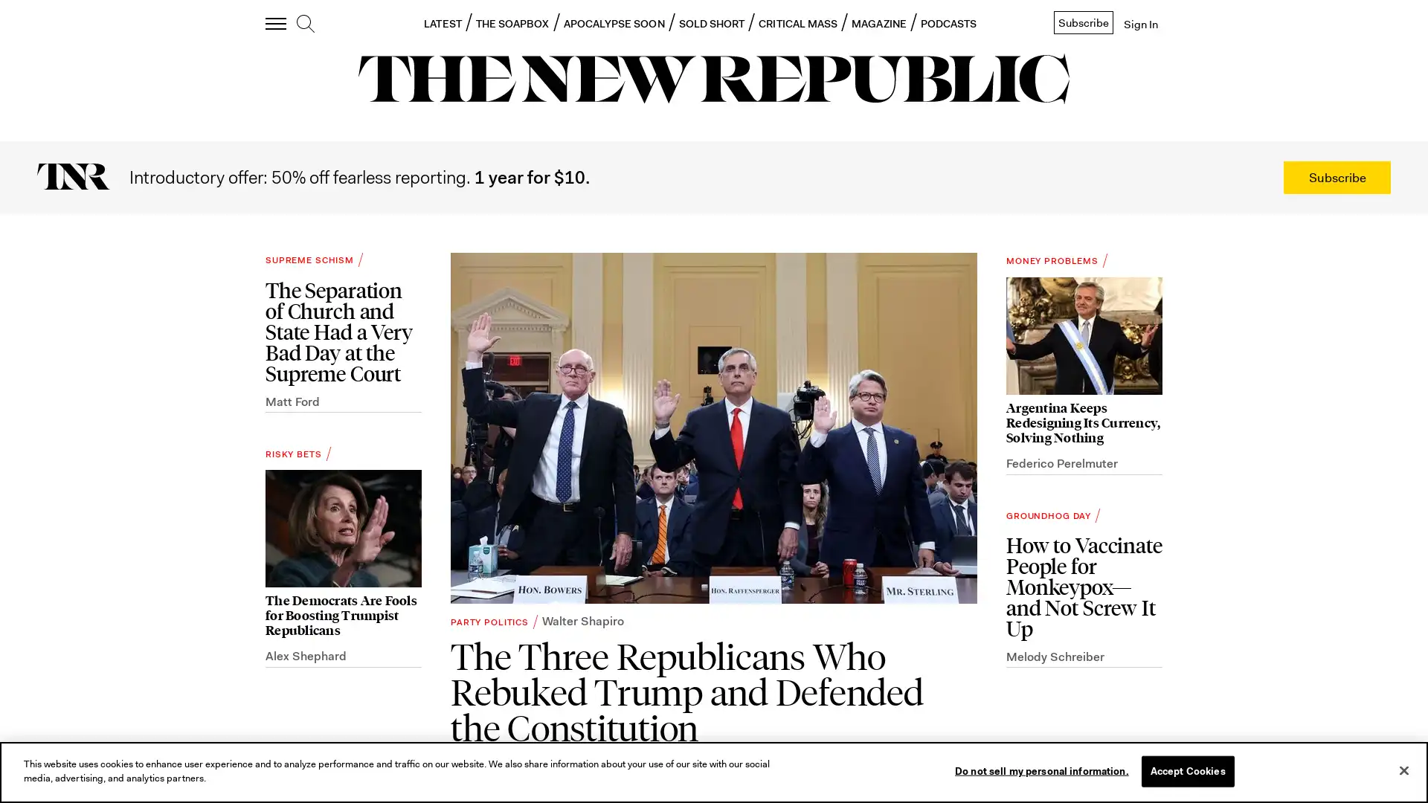 This screenshot has height=803, width=1428. Describe the element at coordinates (305, 25) in the screenshot. I see `search` at that location.